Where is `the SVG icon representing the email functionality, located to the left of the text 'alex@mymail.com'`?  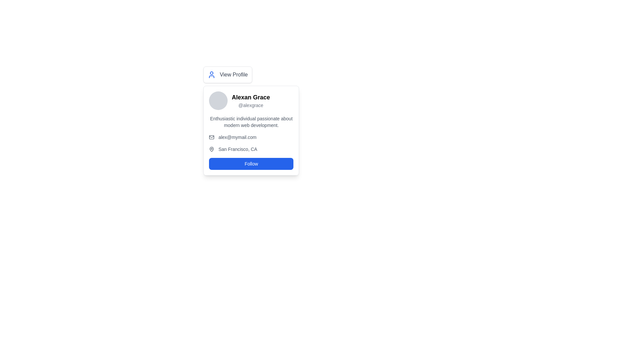 the SVG icon representing the email functionality, located to the left of the text 'alex@mymail.com' is located at coordinates (211, 137).